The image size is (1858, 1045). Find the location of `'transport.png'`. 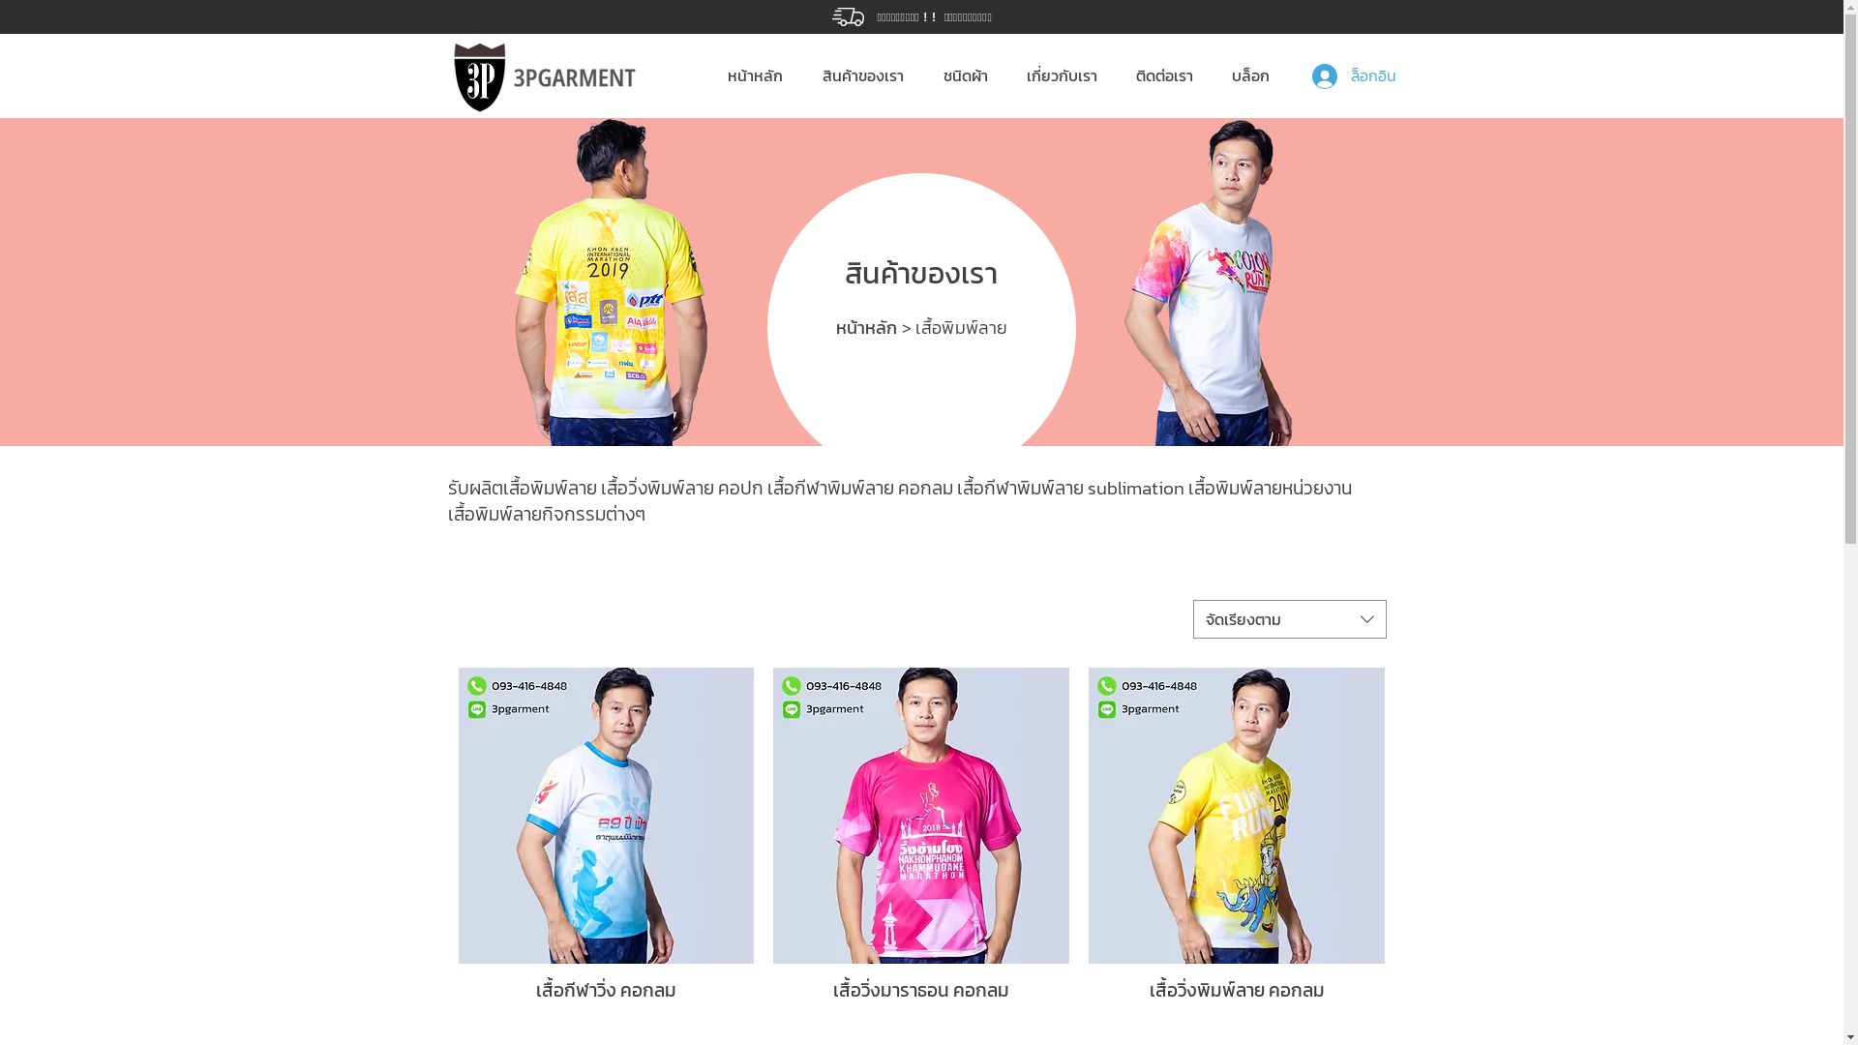

'transport.png' is located at coordinates (848, 16).